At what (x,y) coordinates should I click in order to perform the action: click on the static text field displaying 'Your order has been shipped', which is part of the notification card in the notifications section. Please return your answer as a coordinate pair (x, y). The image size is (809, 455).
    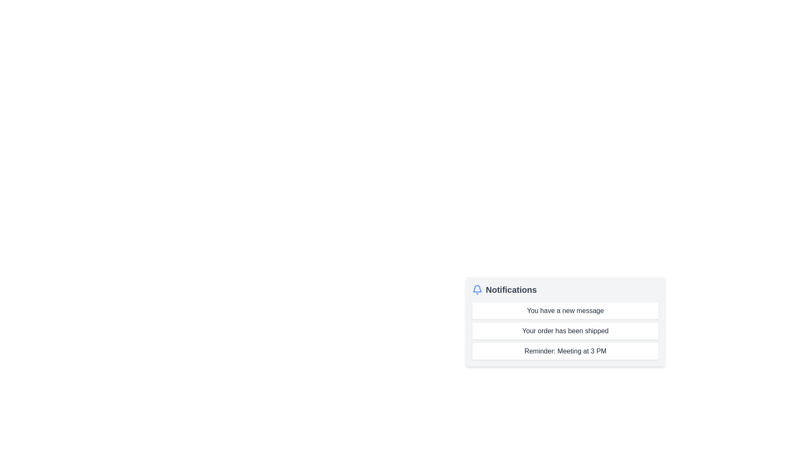
    Looking at the image, I should click on (565, 331).